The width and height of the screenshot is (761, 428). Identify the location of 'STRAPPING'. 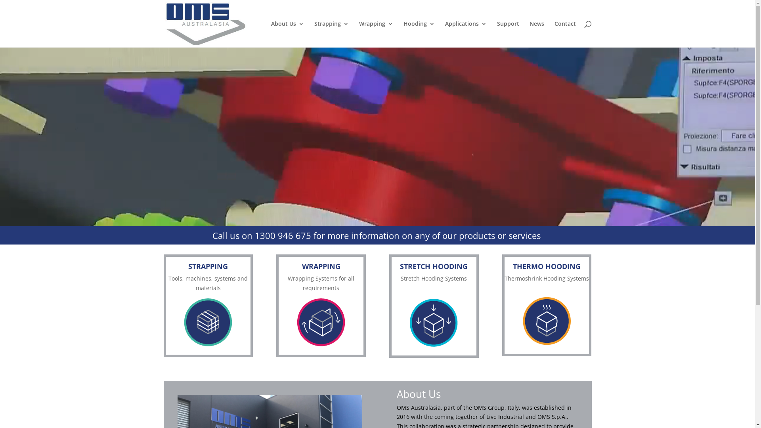
(208, 266).